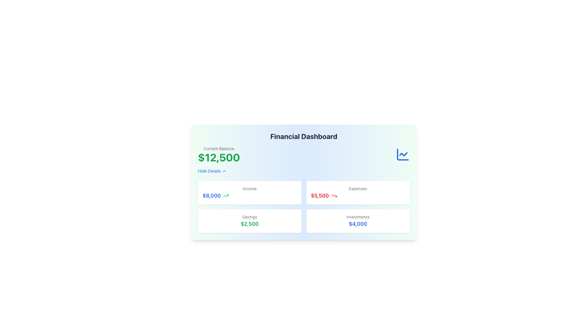 The height and width of the screenshot is (318, 565). What do you see at coordinates (250, 217) in the screenshot?
I see `the 'Savings' text label located in the white rounded-corner box at the bottom left section of the financial dashboard` at bounding box center [250, 217].